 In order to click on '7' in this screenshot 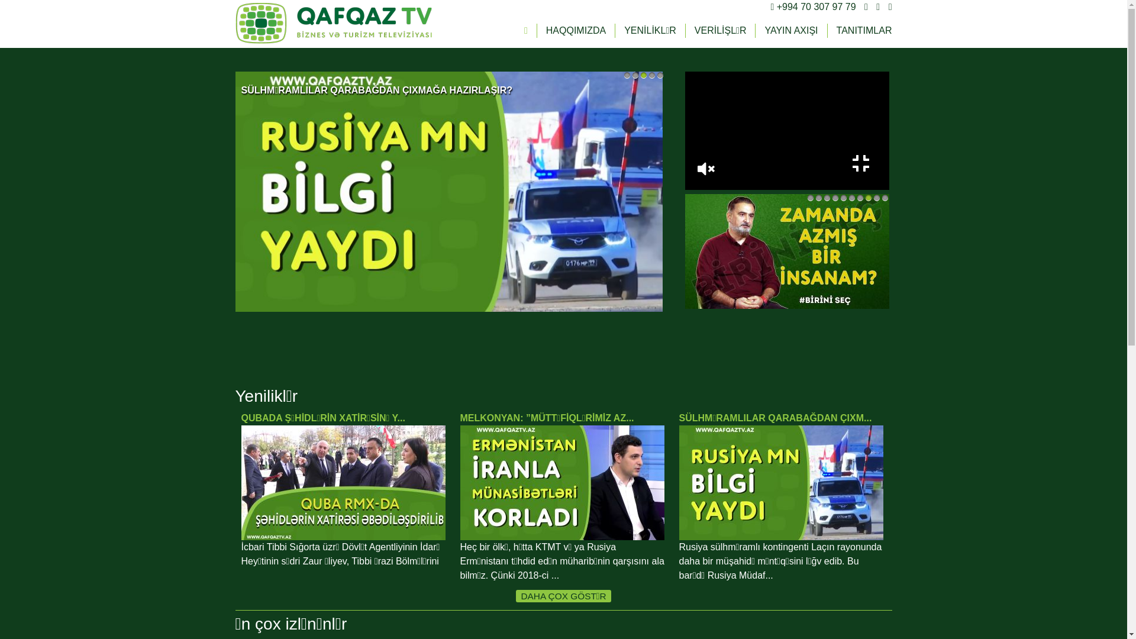, I will do `click(860, 197)`.